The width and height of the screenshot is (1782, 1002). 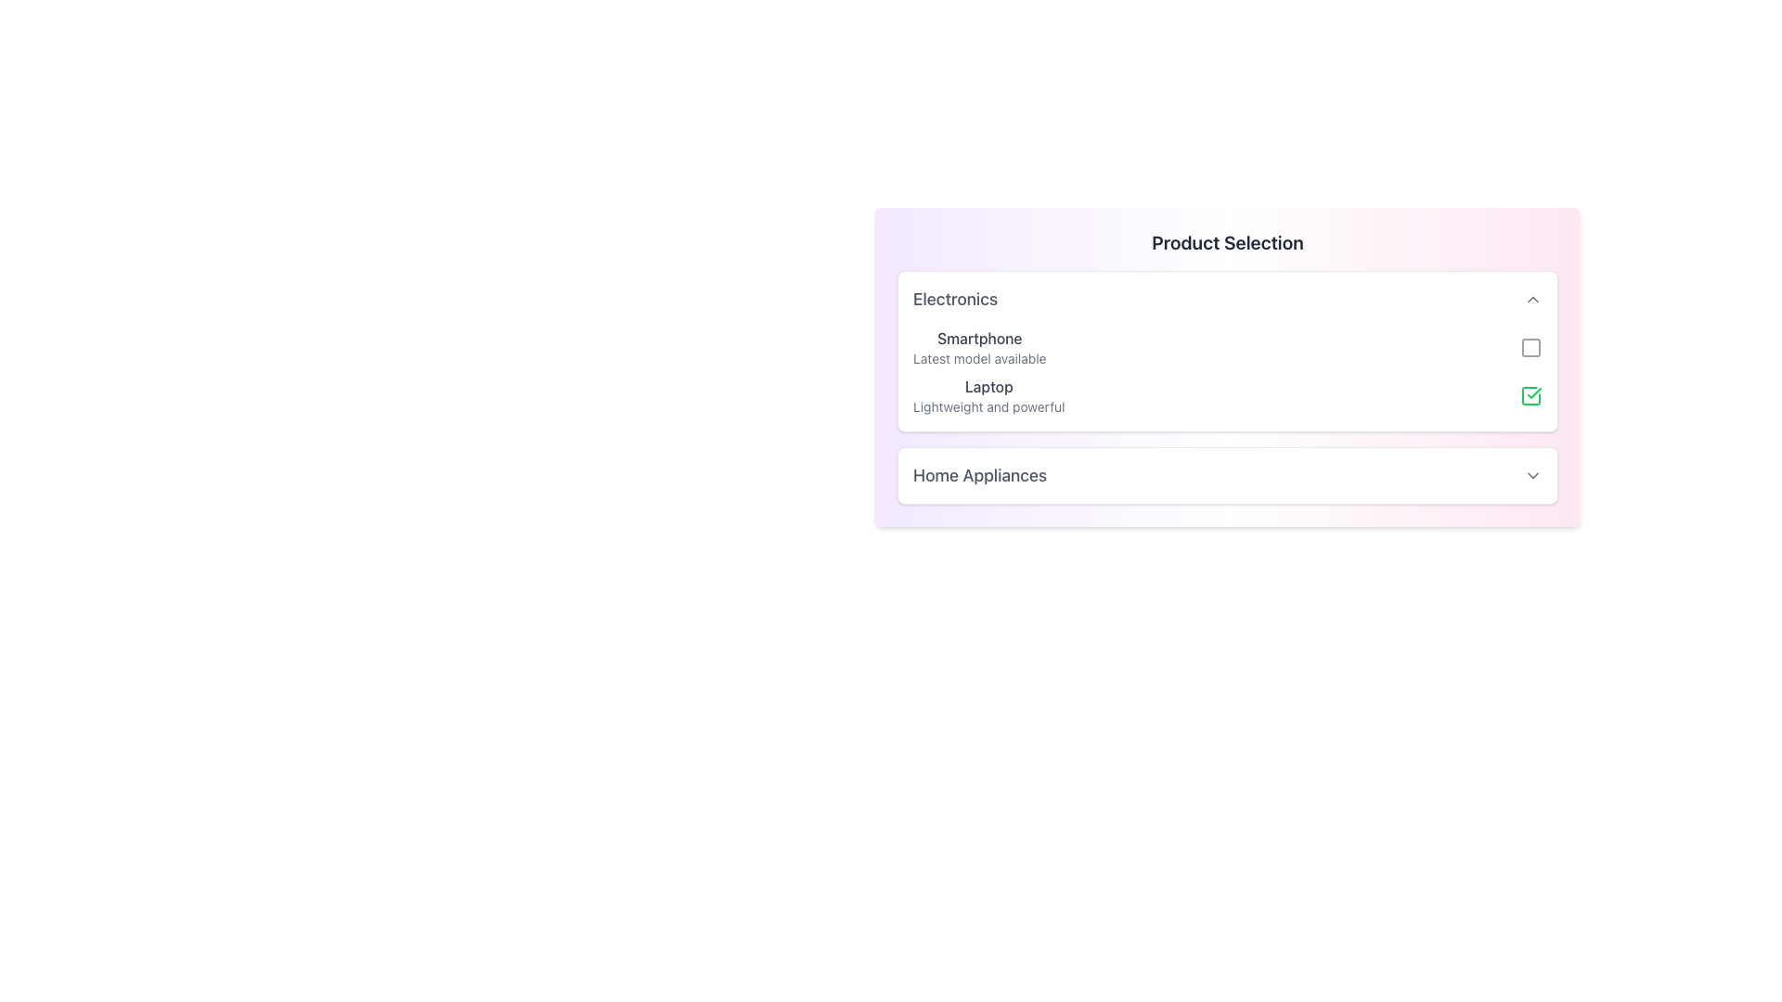 I want to click on the 'Home Appliances' dropdown trigger located at the bottom of the category list, so click(x=1228, y=475).